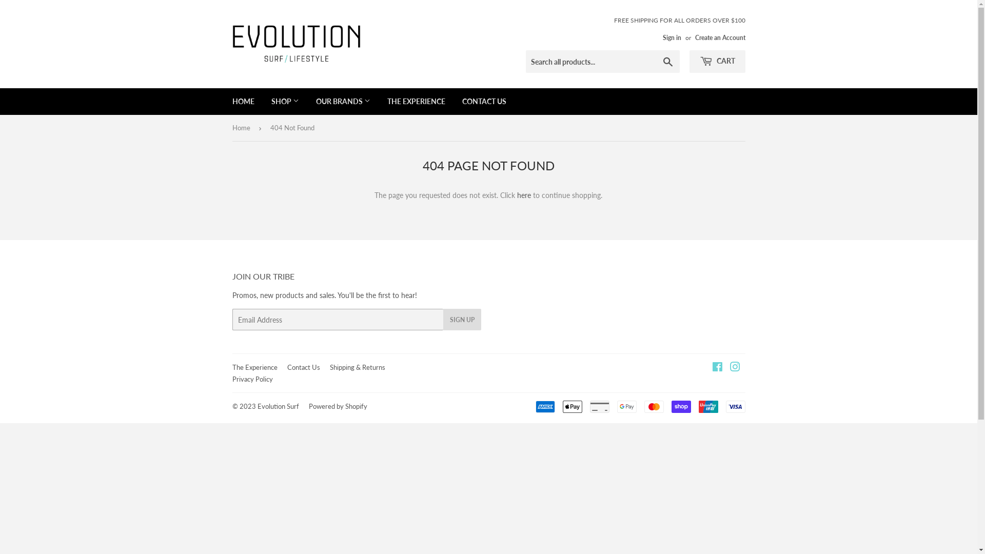  What do you see at coordinates (254, 367) in the screenshot?
I see `'The Experience'` at bounding box center [254, 367].